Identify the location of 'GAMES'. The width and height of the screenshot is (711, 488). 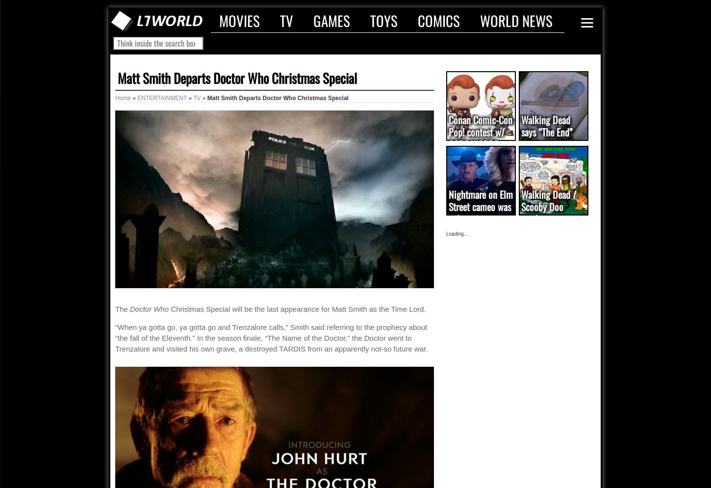
(331, 20).